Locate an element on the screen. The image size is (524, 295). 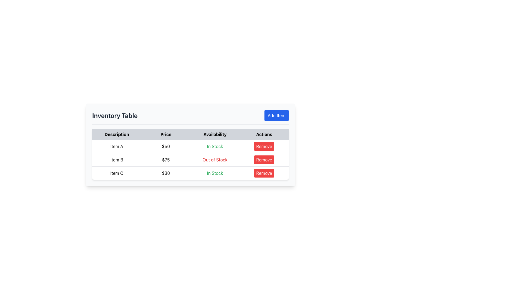
the button is located at coordinates (264, 146).